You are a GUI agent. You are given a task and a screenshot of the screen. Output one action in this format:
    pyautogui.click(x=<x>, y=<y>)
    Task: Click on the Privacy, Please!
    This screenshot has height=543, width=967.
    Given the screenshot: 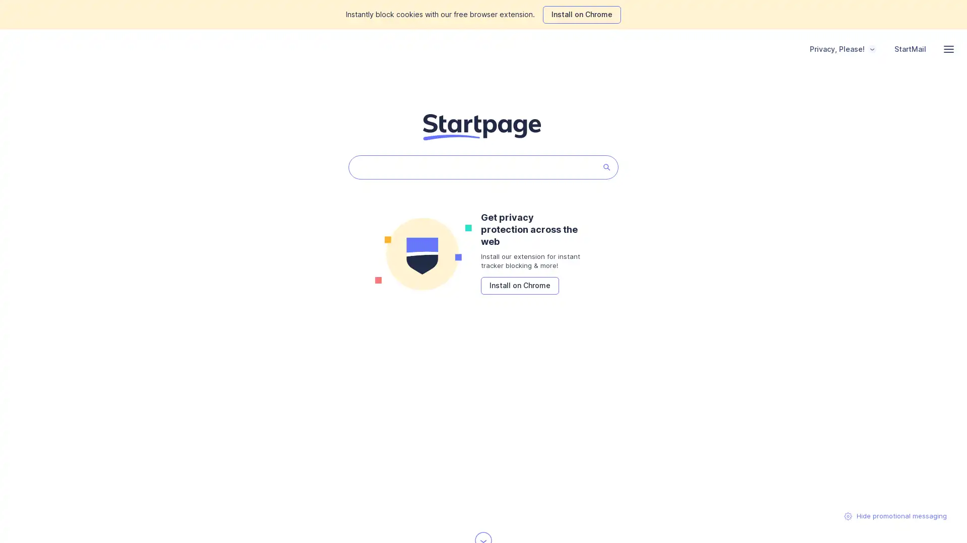 What is the action you would take?
    pyautogui.click(x=843, y=49)
    